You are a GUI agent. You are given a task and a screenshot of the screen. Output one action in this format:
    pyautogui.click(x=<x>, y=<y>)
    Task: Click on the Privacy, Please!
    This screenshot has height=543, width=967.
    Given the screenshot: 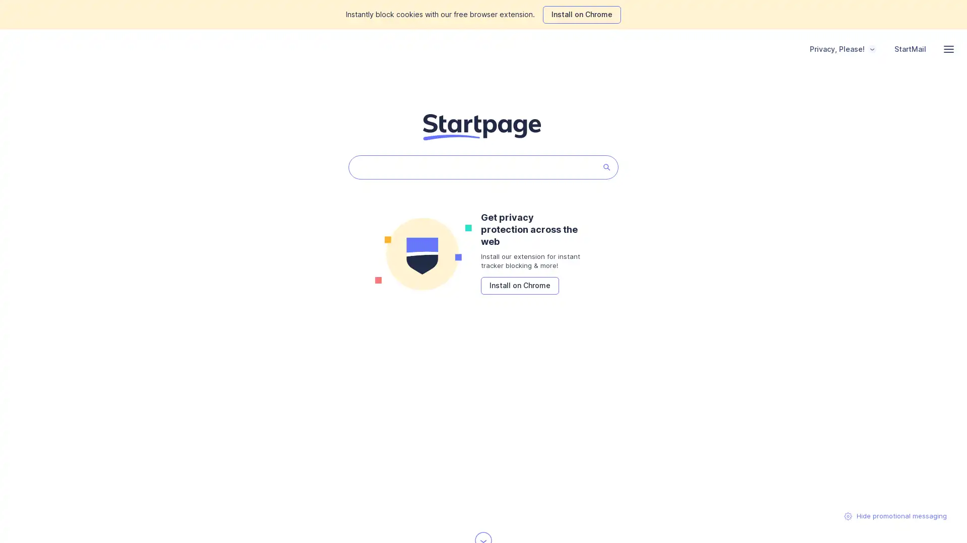 What is the action you would take?
    pyautogui.click(x=843, y=49)
    